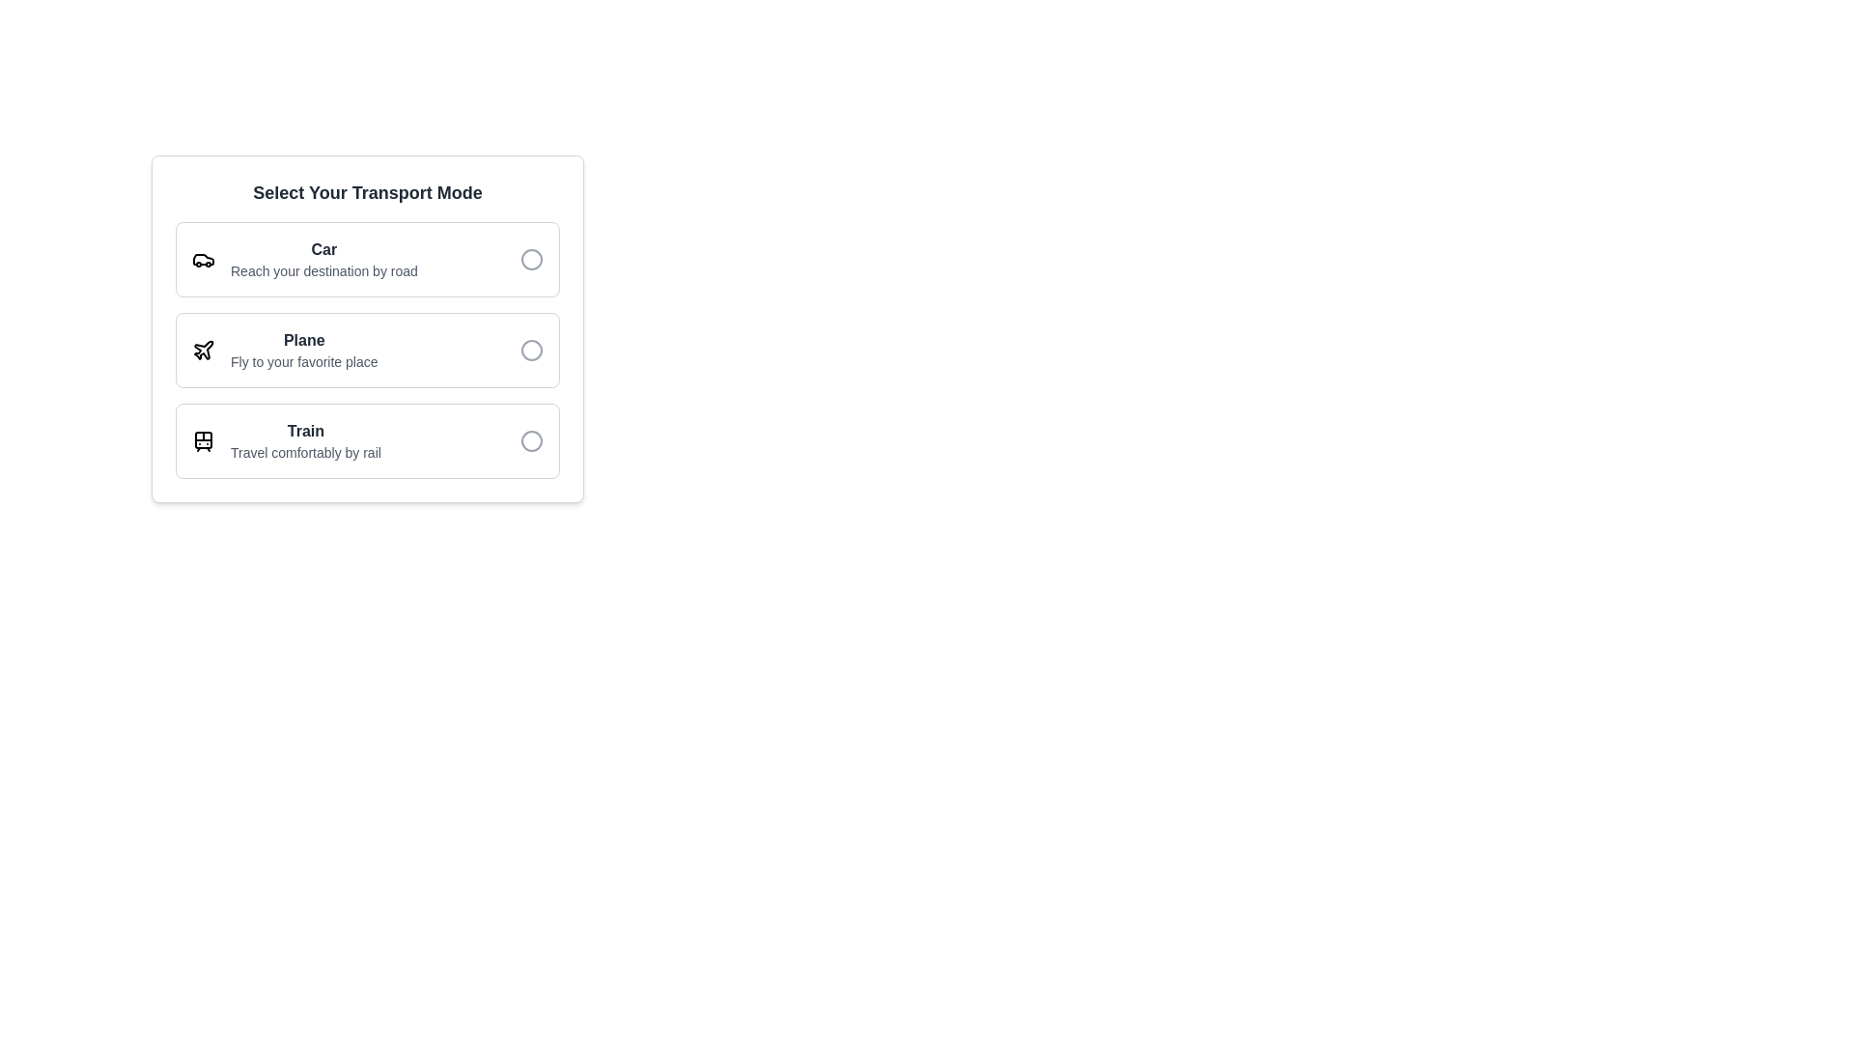 This screenshot has height=1043, width=1854. Describe the element at coordinates (532, 440) in the screenshot. I see `the unselected radio button represented by an SVG circle beneath the 'Train' option in the UI interface` at that location.